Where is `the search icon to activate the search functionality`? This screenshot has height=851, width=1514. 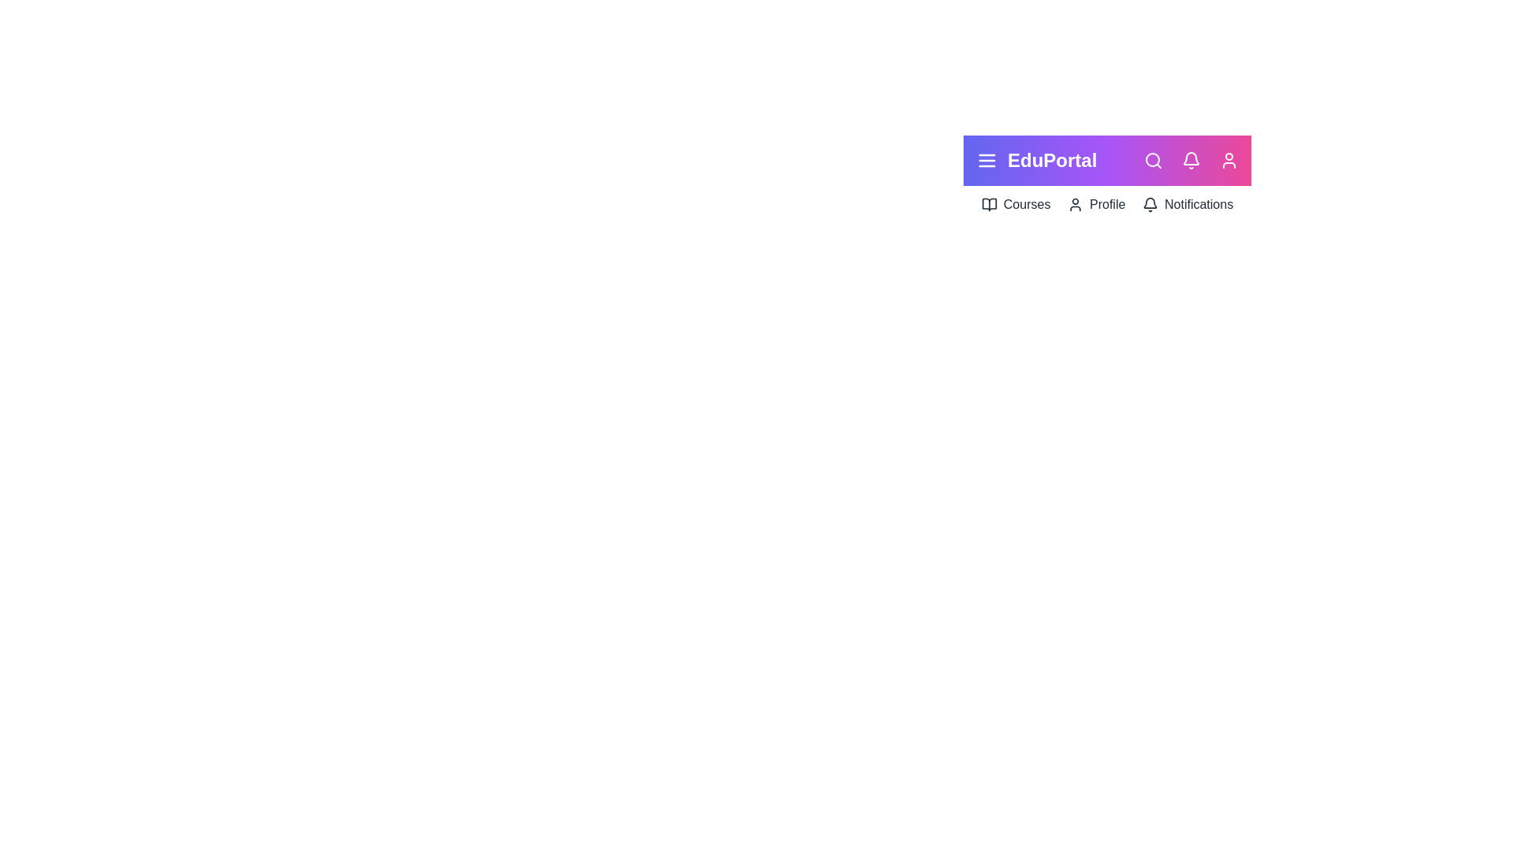
the search icon to activate the search functionality is located at coordinates (1154, 161).